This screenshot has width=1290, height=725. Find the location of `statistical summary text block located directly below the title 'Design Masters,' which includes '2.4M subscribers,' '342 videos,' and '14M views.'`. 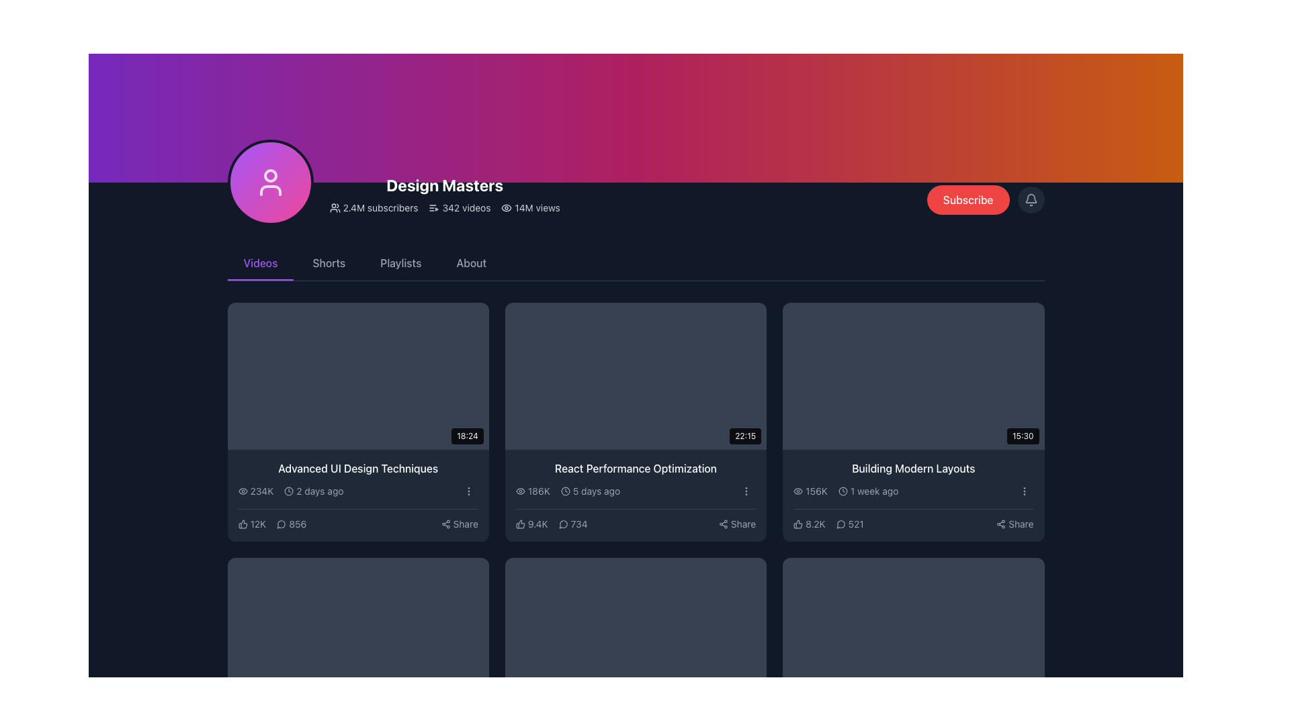

statistical summary text block located directly below the title 'Design Masters,' which includes '2.4M subscribers,' '342 videos,' and '14M views.' is located at coordinates (445, 207).